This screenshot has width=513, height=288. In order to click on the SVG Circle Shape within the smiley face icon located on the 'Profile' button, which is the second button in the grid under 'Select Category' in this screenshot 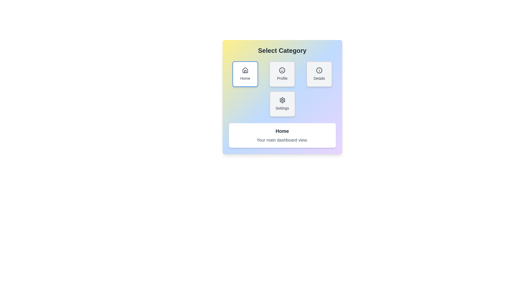, I will do `click(282, 70)`.